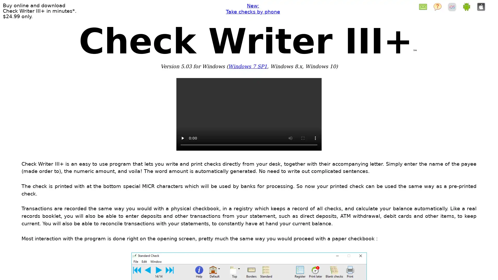 Image resolution: width=498 pixels, height=280 pixels. I want to click on mute, so click(290, 138).